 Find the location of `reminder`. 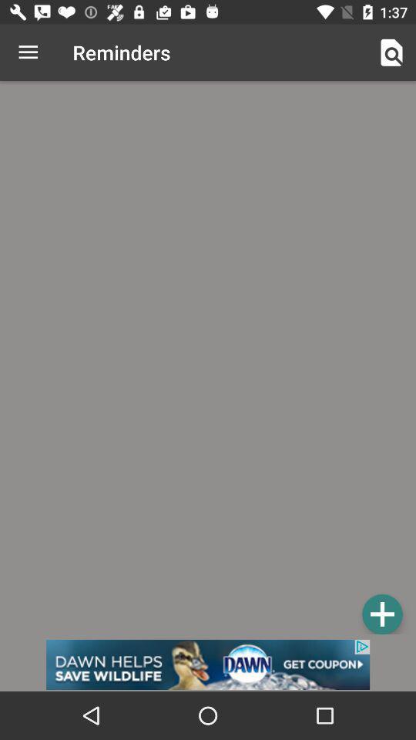

reminder is located at coordinates (208, 360).